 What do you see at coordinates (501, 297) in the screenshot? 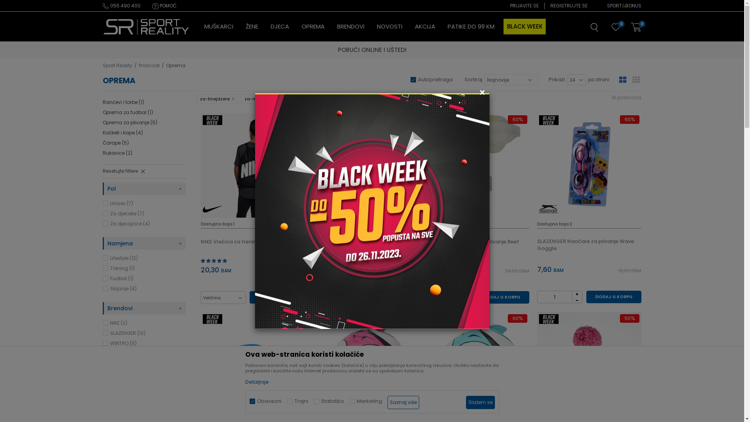
I see `'DODAJ U KORPU'` at bounding box center [501, 297].